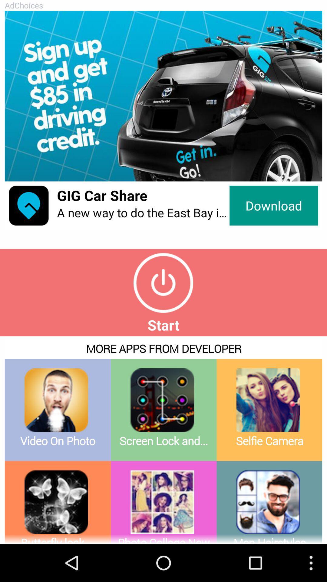 The height and width of the screenshot is (582, 327). I want to click on view more applications, so click(163, 440).